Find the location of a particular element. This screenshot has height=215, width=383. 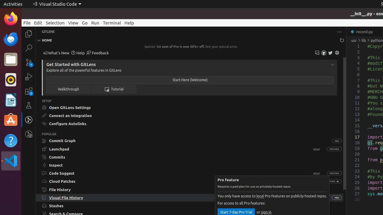

'Feedback' is located at coordinates (98, 53).